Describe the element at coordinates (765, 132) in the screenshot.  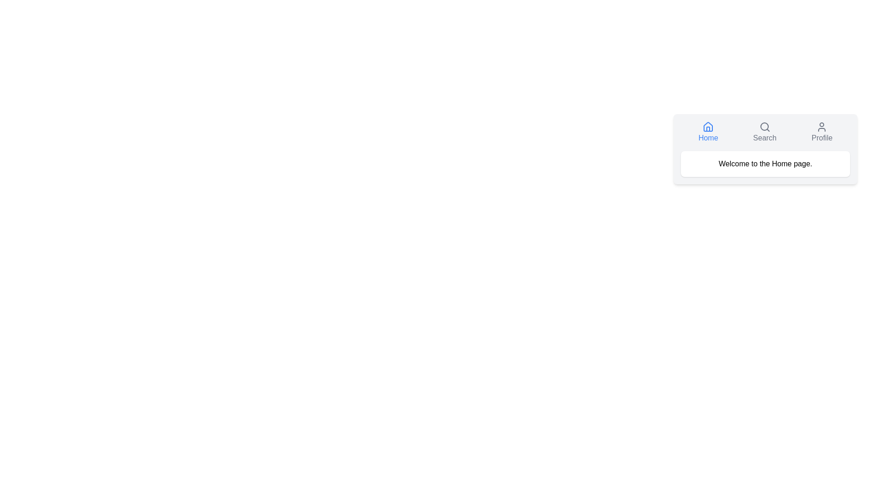
I see `the Navigation Bar which allows users to switch between 'Home', 'Search', and 'Profile' sections of the application` at that location.